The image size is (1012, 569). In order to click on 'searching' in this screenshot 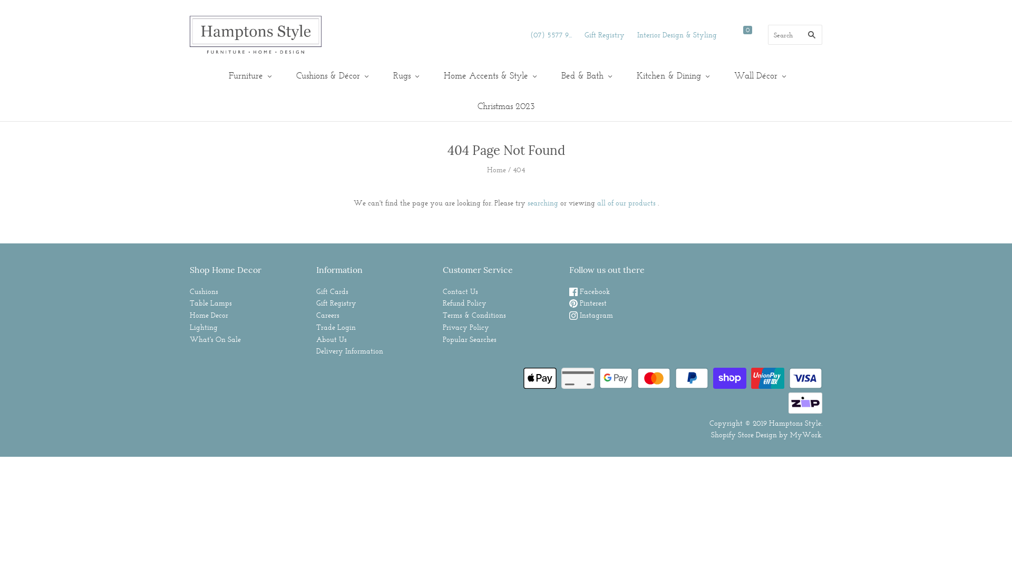, I will do `click(542, 203)`.